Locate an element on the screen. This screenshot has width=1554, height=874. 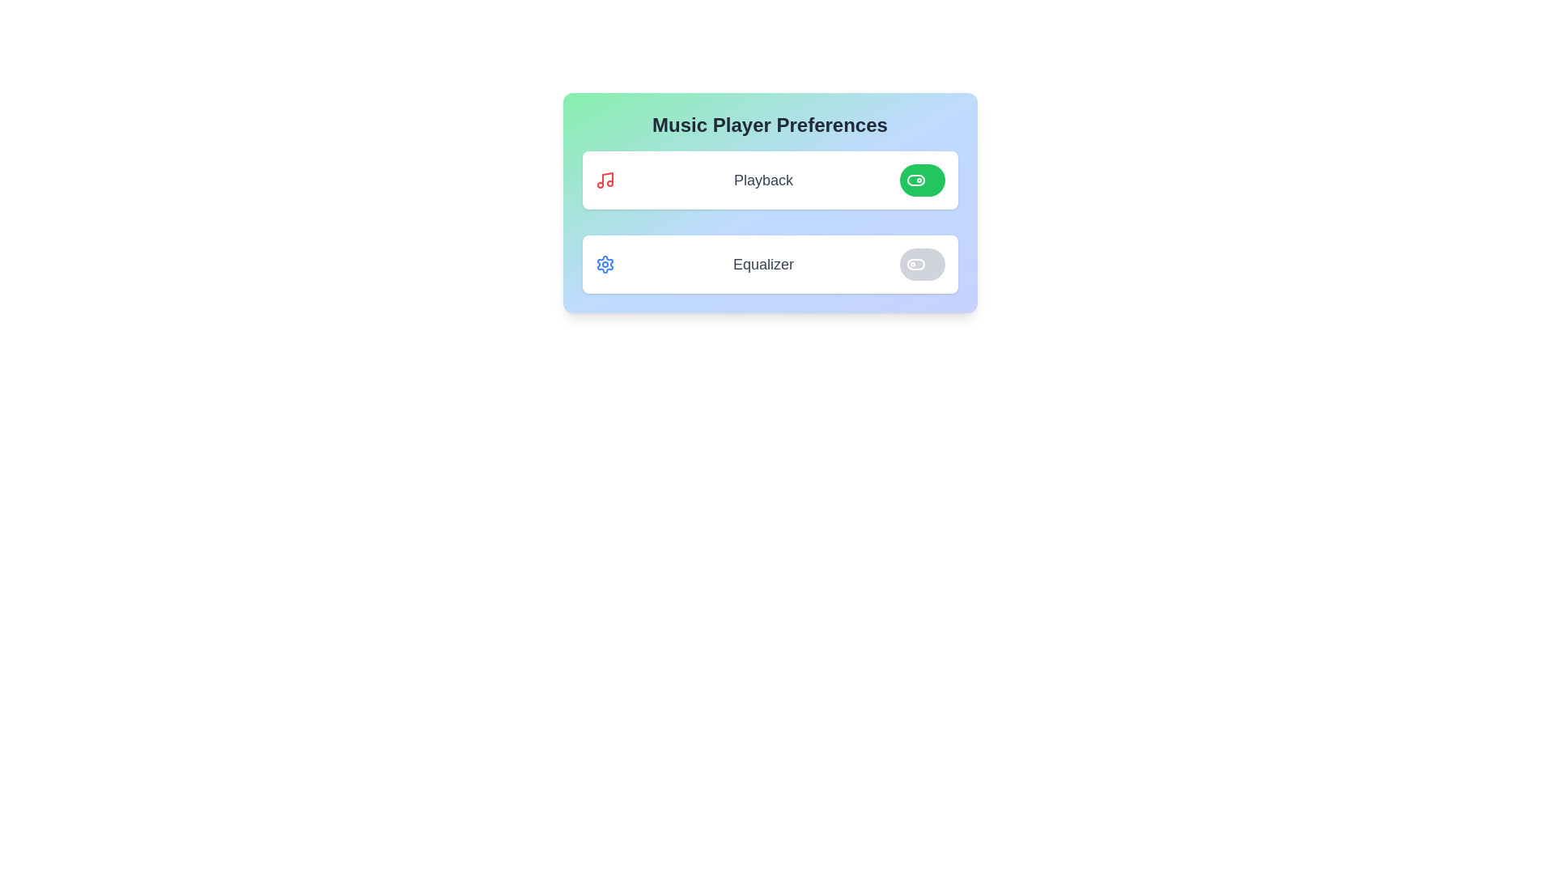
the music playback icon located to the far left of the 'Playback' entry in the 'Music Player Preferences' interface is located at coordinates (604, 180).